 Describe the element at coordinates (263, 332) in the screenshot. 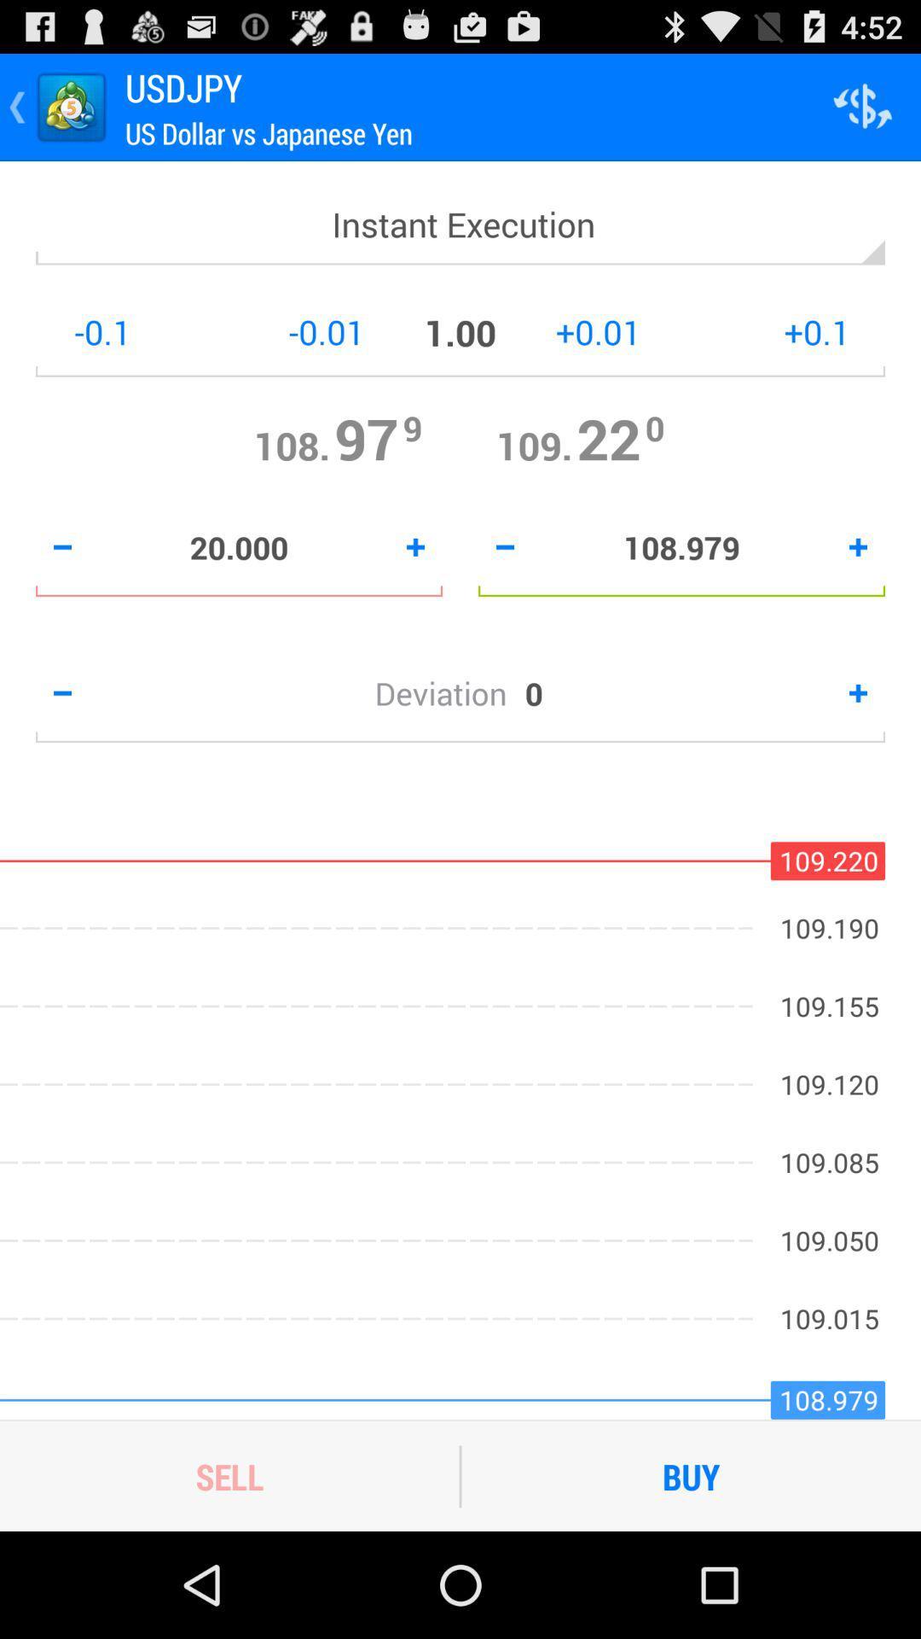

I see `001` at that location.